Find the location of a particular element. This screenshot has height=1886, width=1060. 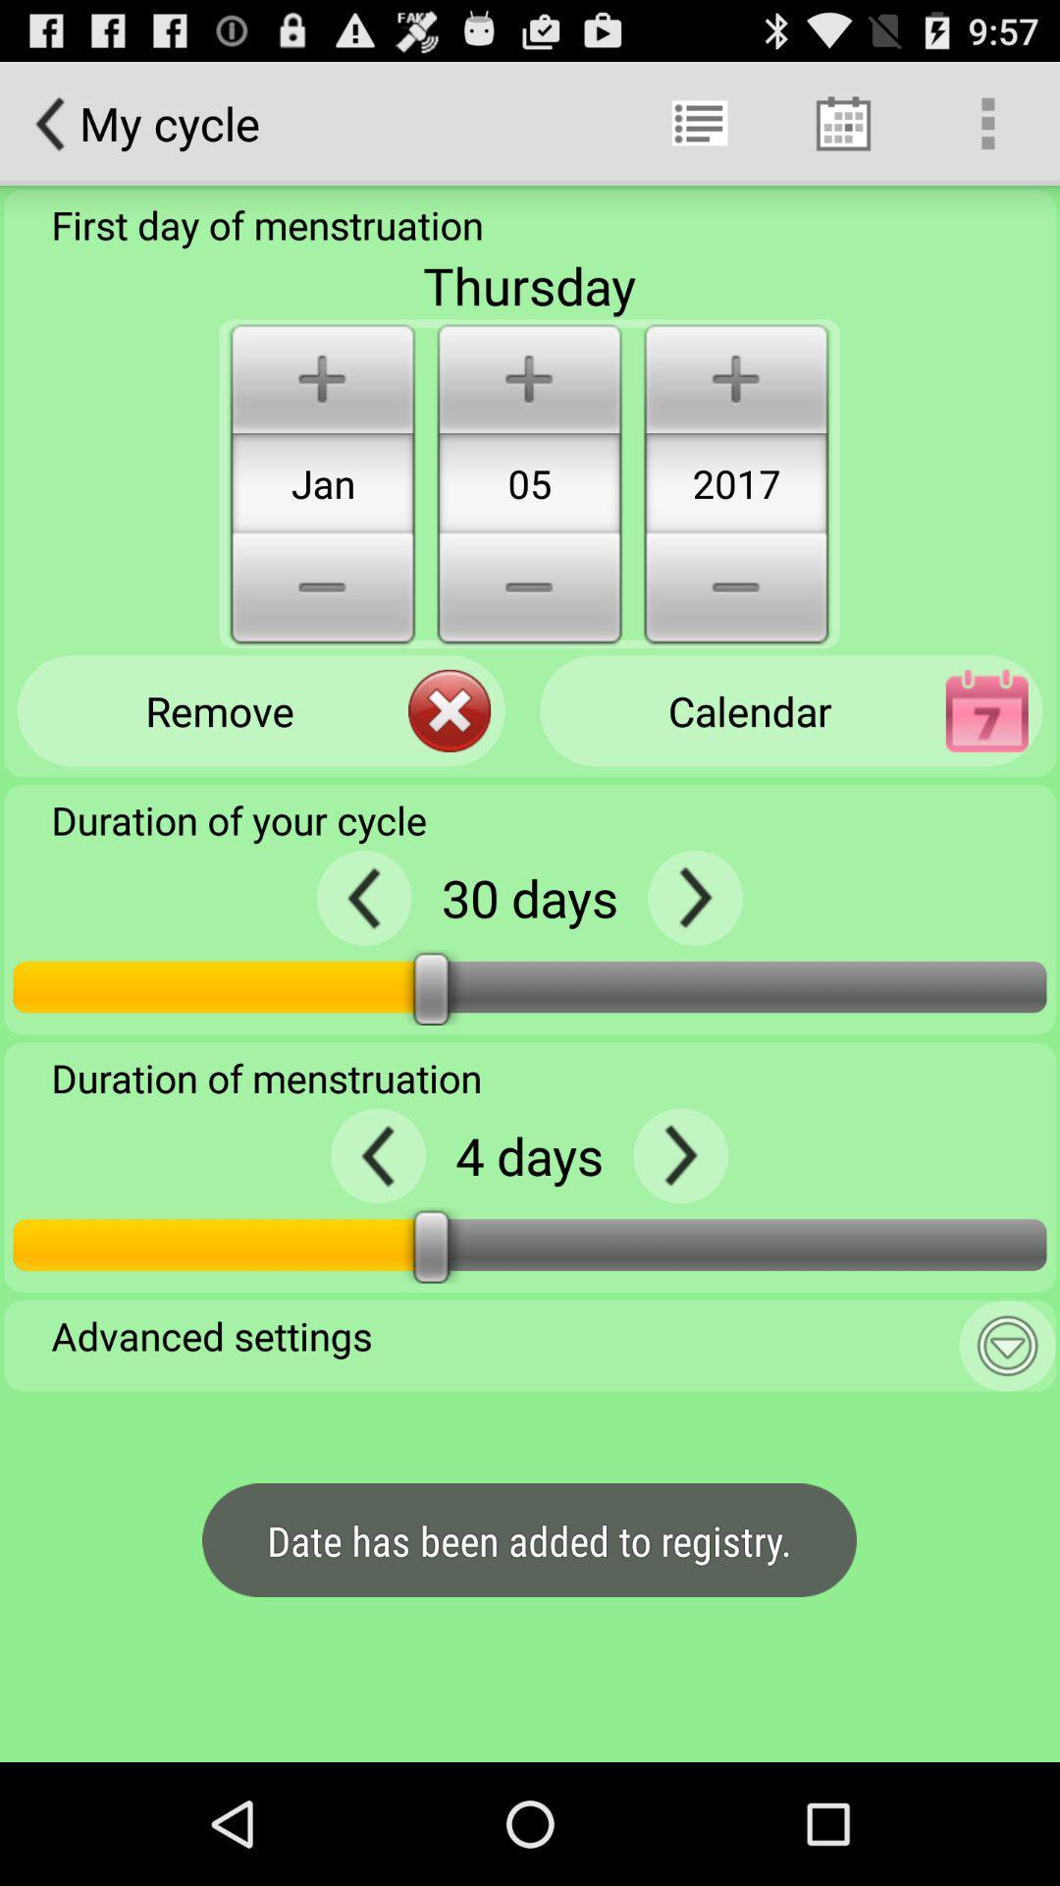

the arrow_forward icon is located at coordinates (694, 961).